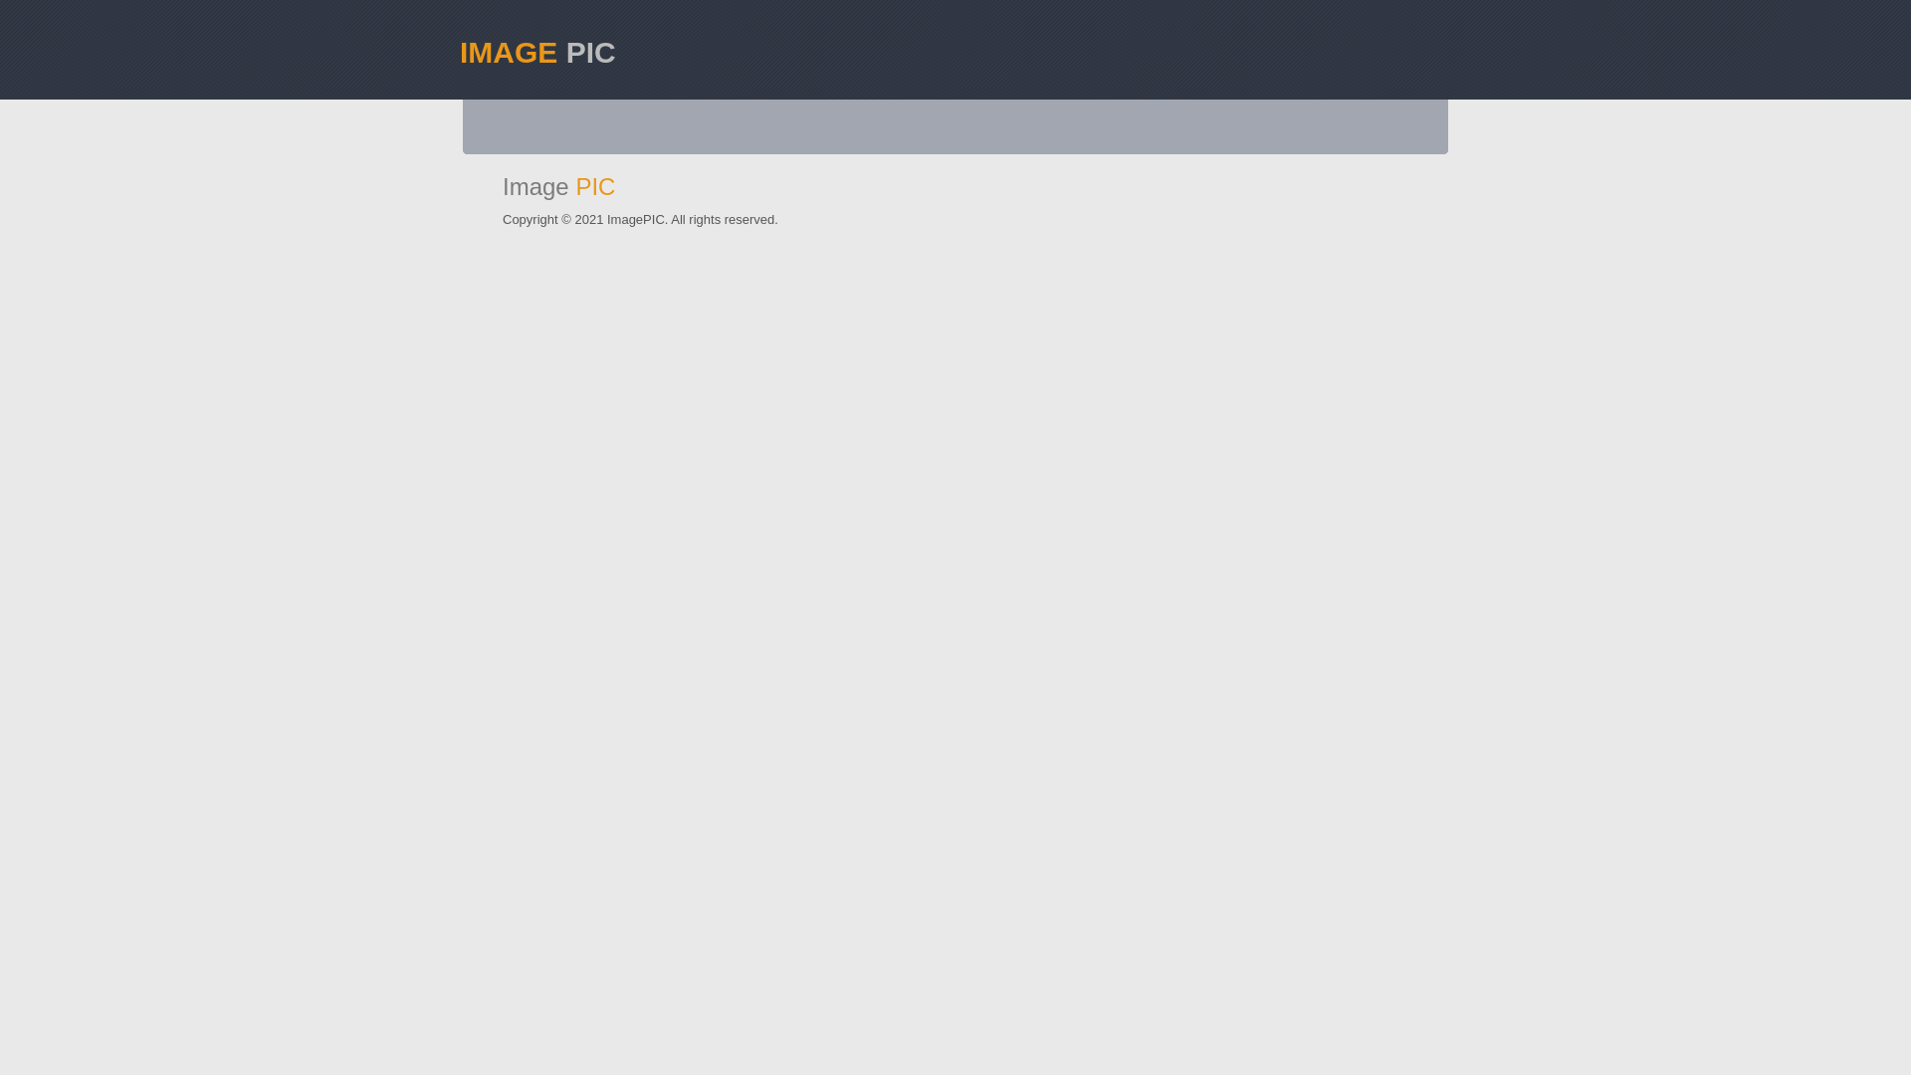  I want to click on 'IMAGE PIC', so click(458, 40).